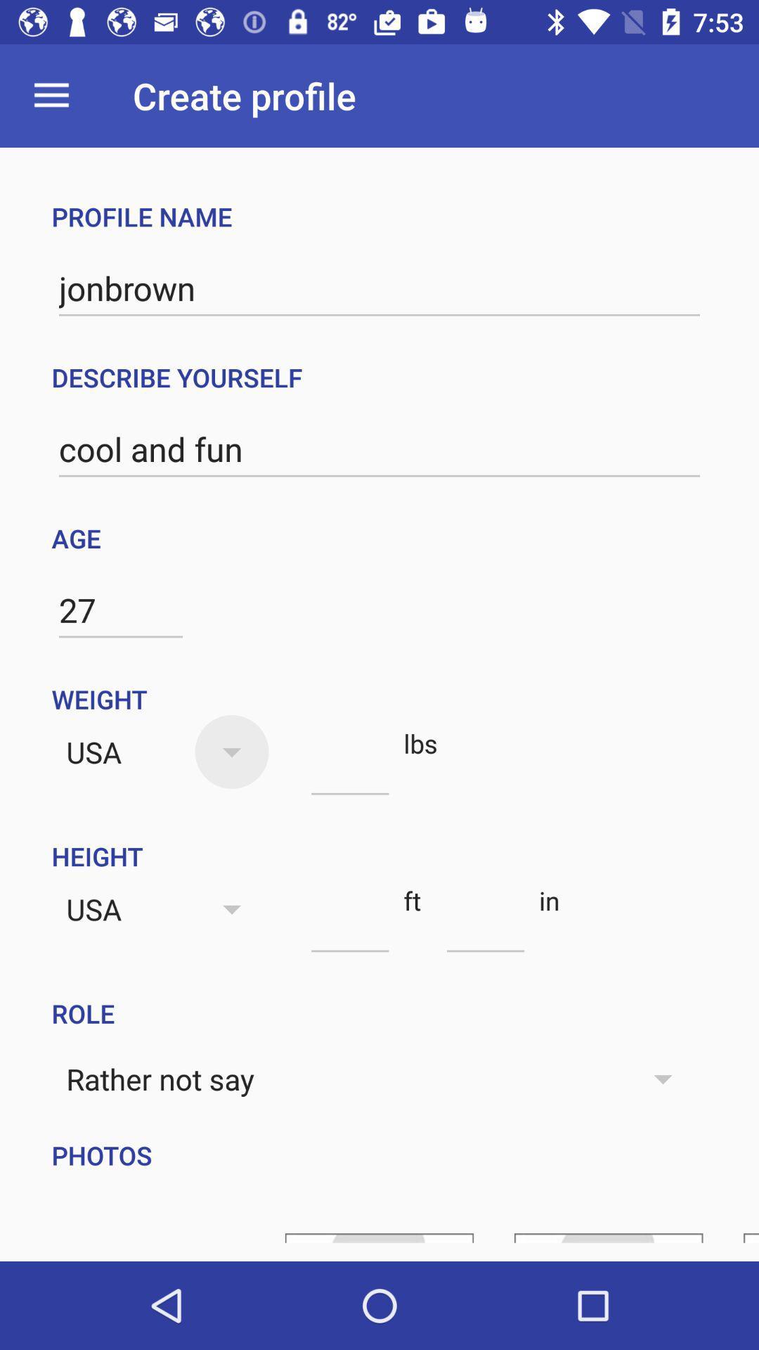  I want to click on the item below weight item, so click(349, 769).